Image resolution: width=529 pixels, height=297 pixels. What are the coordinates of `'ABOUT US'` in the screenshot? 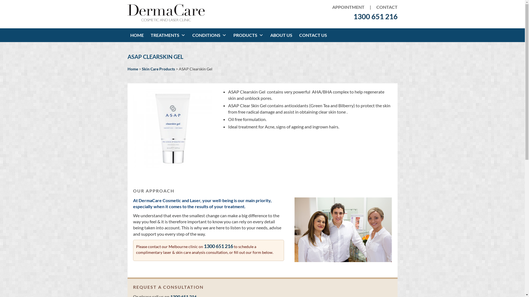 It's located at (282, 35).